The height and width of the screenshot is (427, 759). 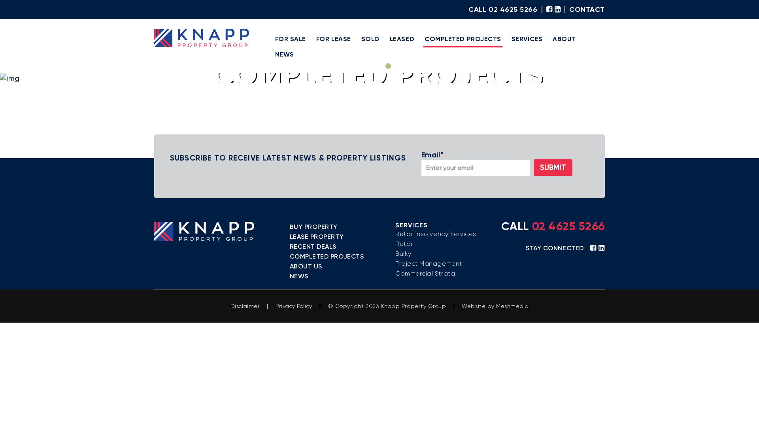 I want to click on 'Commercial Strata', so click(x=425, y=273).